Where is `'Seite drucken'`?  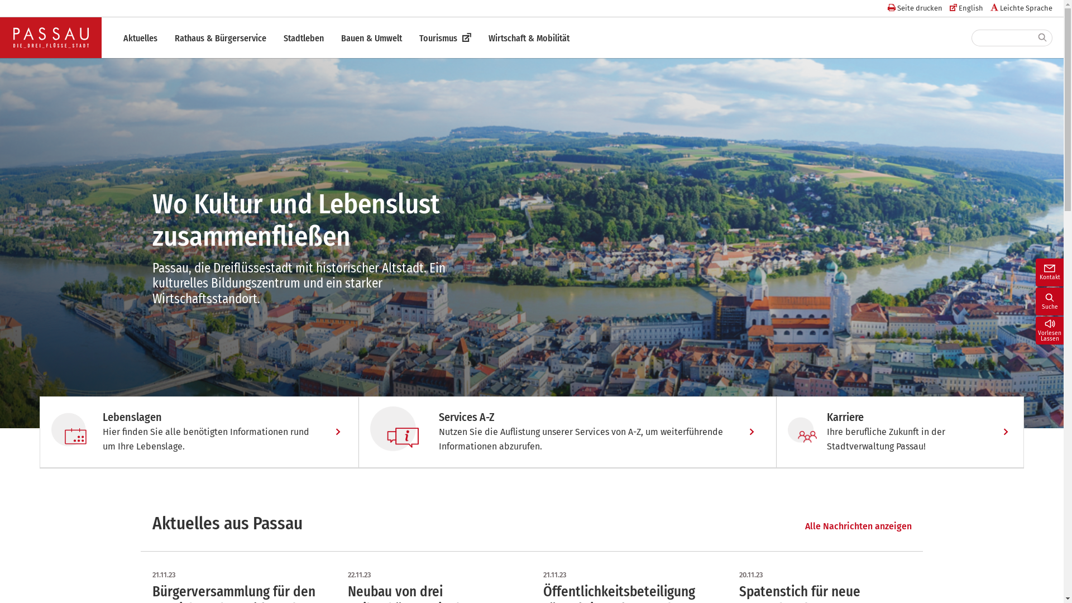
'Seite drucken' is located at coordinates (915, 8).